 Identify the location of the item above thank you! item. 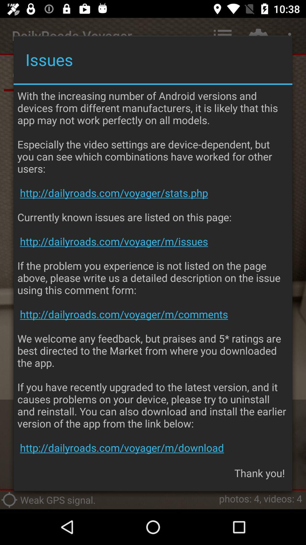
(153, 271).